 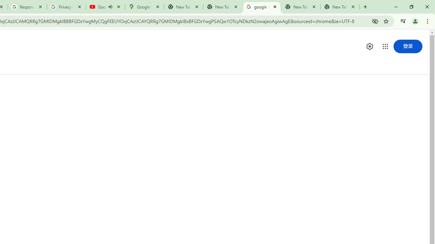 What do you see at coordinates (144, 7) in the screenshot?
I see `'Google Maps'` at bounding box center [144, 7].